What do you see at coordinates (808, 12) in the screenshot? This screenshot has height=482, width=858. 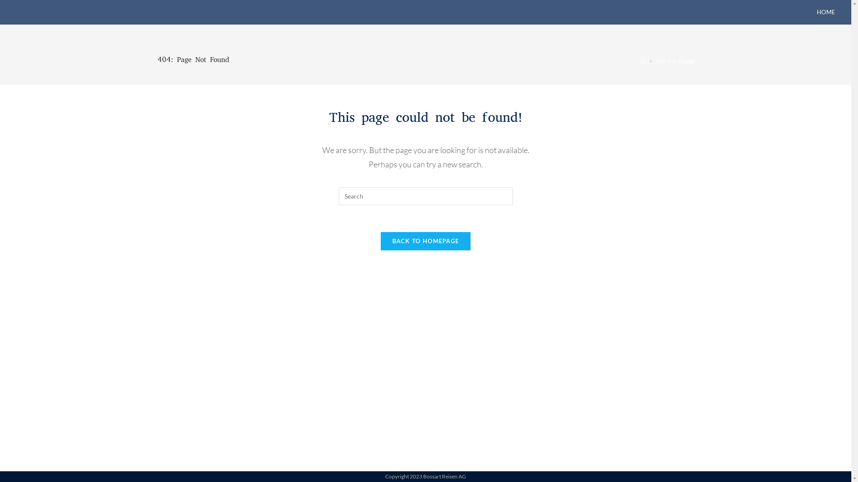 I see `'HOME'` at bounding box center [808, 12].